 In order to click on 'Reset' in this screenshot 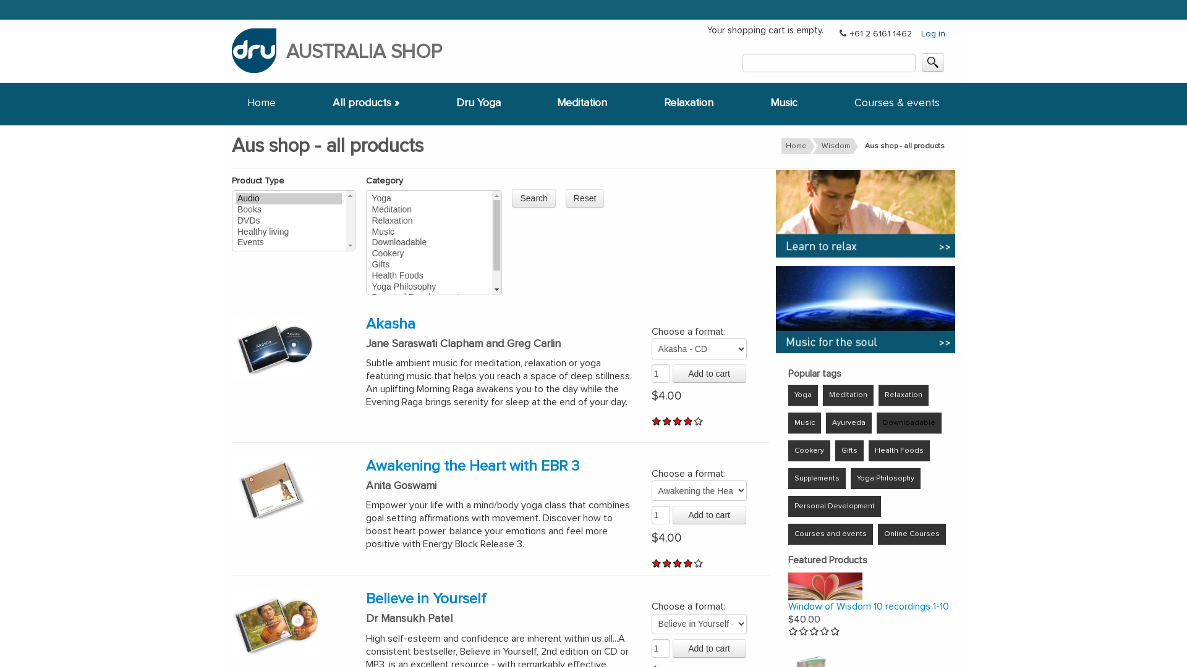, I will do `click(584, 197)`.